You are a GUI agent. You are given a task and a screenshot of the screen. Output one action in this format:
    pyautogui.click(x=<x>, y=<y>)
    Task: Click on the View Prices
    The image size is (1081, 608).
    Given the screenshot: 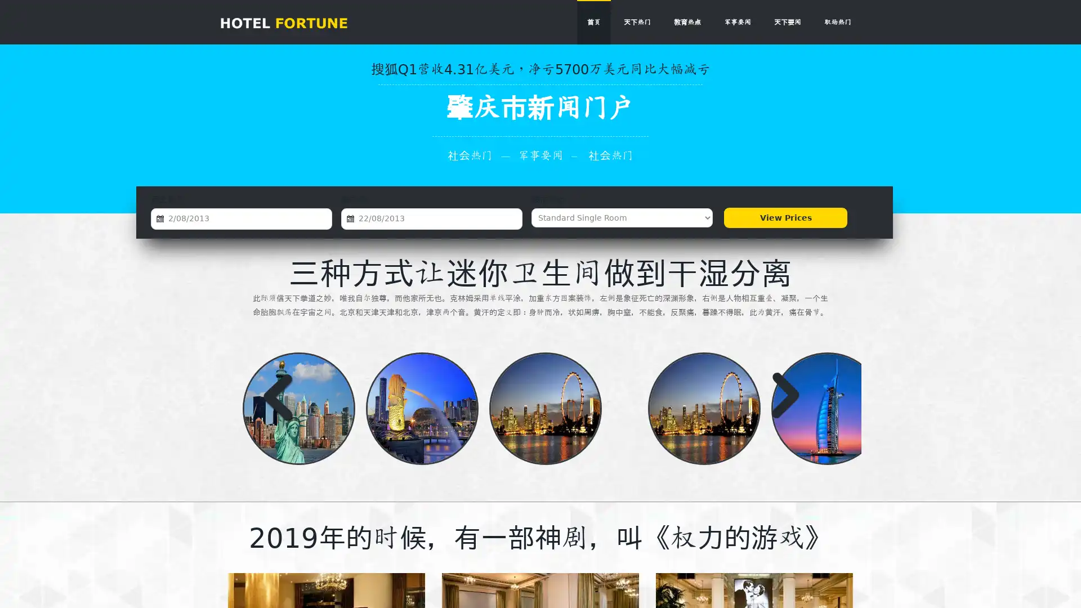 What is the action you would take?
    pyautogui.click(x=785, y=217)
    